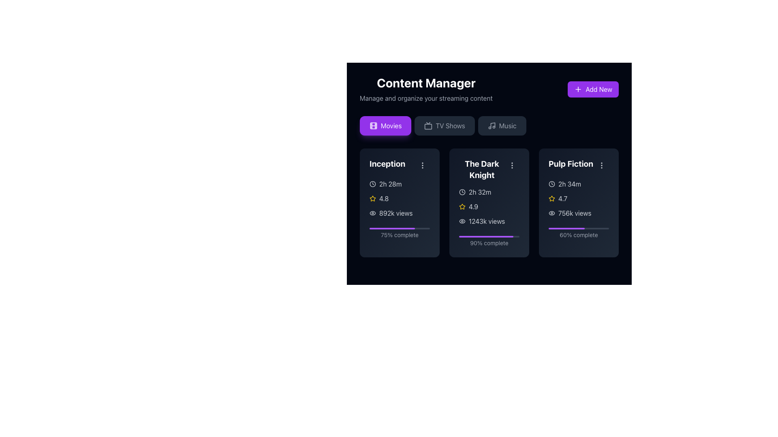 The image size is (778, 437). Describe the element at coordinates (601, 165) in the screenshot. I see `the vertical ellipsis icon located in the upper-right area of the 'Pulp Fiction' card` at that location.